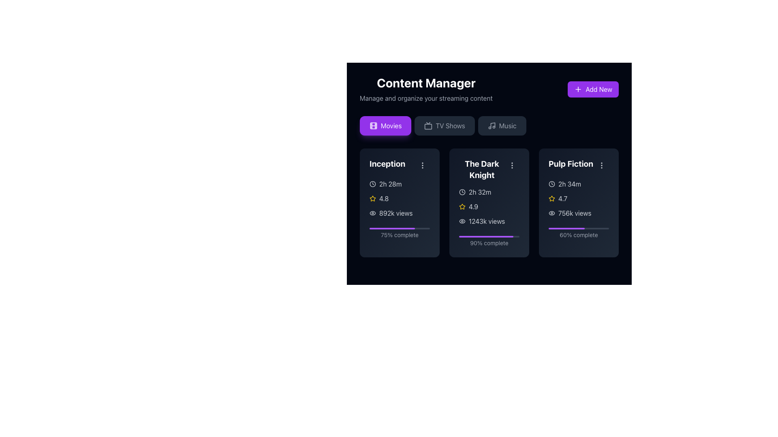 The image size is (778, 437). Describe the element at coordinates (601, 165) in the screenshot. I see `the vertical ellipsis icon located in the upper-right area of the 'Pulp Fiction' card` at that location.